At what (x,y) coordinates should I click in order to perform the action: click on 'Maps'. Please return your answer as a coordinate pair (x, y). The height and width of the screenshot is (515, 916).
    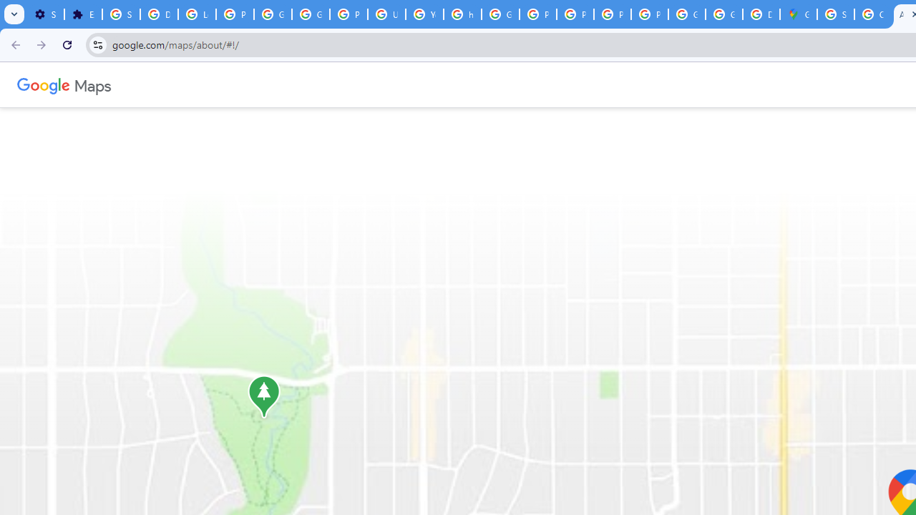
    Looking at the image, I should click on (92, 84).